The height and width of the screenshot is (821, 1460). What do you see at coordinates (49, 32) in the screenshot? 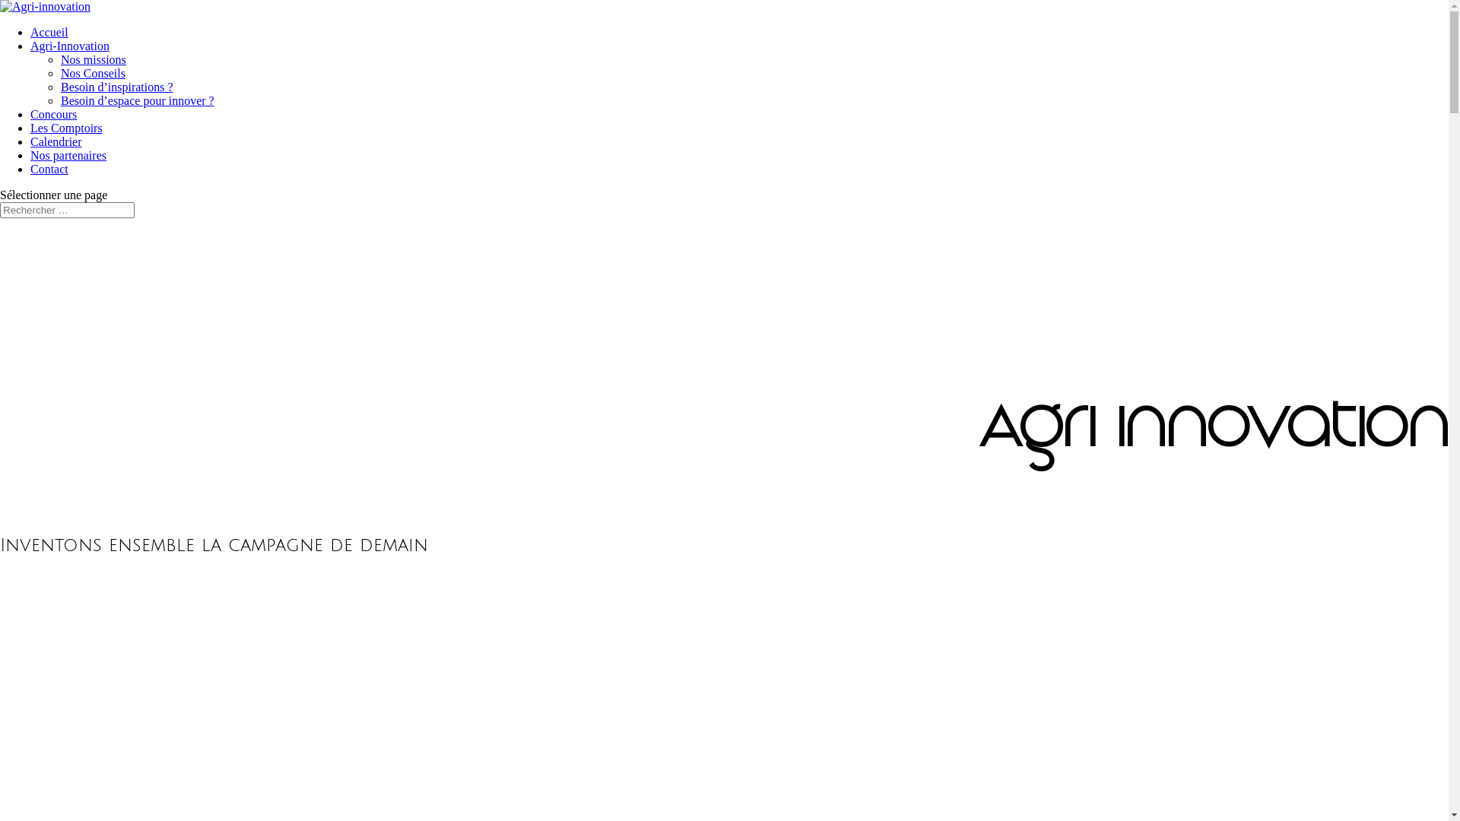
I see `'Accueil'` at bounding box center [49, 32].